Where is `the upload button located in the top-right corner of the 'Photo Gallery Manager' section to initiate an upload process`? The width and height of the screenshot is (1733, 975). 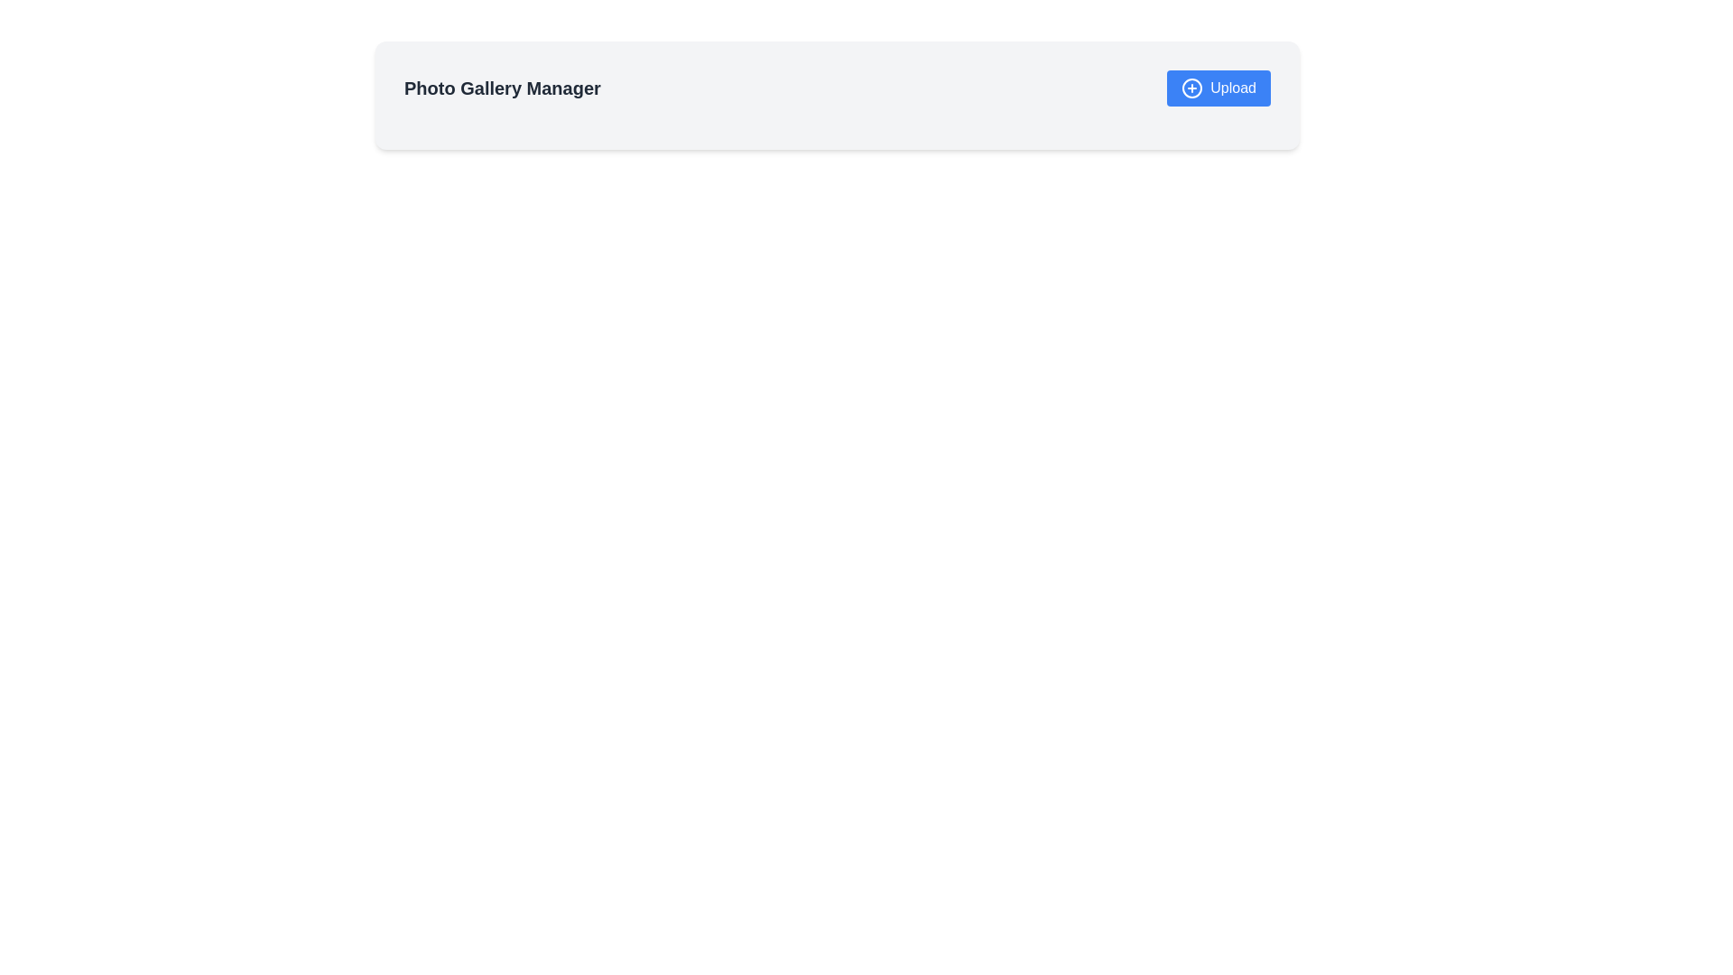
the upload button located in the top-right corner of the 'Photo Gallery Manager' section to initiate an upload process is located at coordinates (1219, 88).